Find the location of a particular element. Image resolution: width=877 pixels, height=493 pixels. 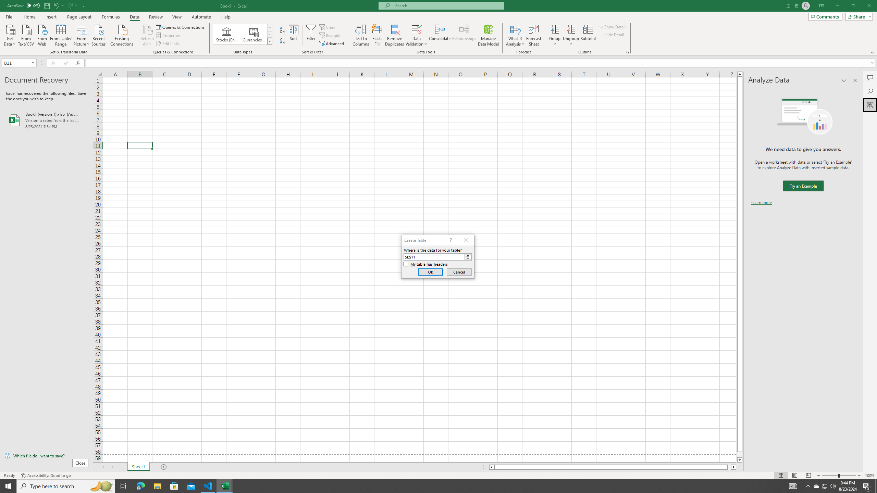

'Consolidate...' is located at coordinates (440, 35).